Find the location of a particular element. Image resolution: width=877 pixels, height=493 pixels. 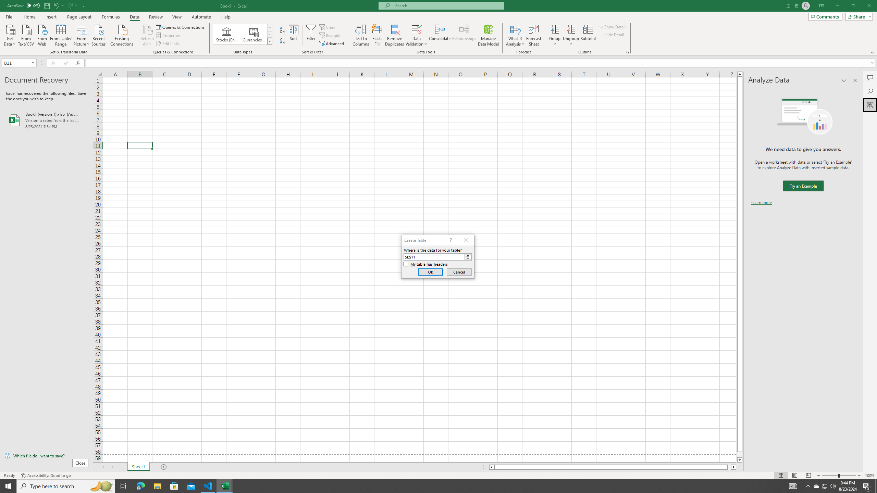

'Consolidate...' is located at coordinates (440, 35).